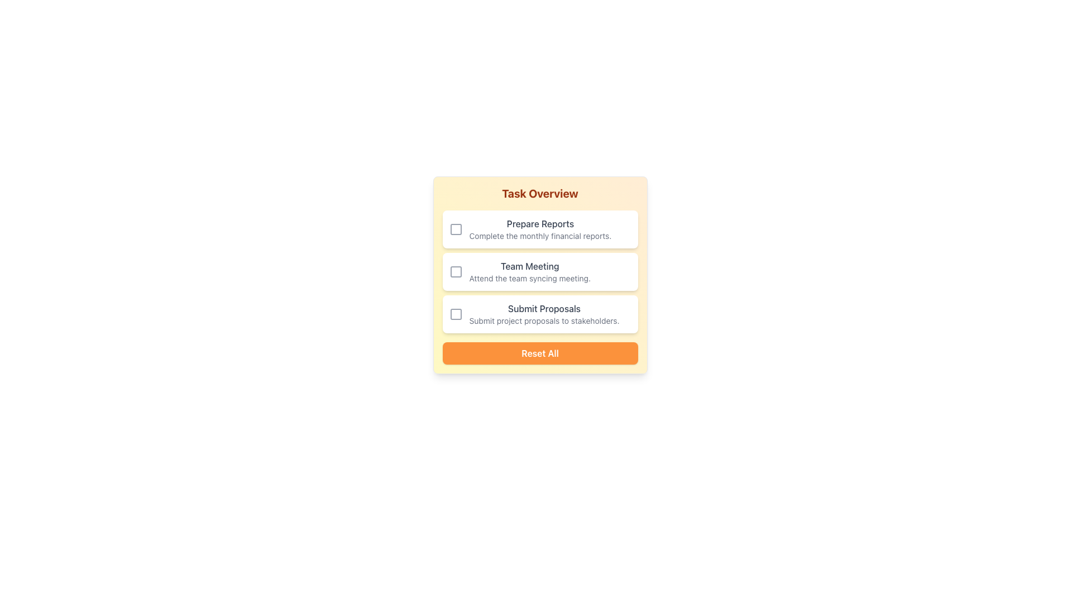 The width and height of the screenshot is (1072, 603). Describe the element at coordinates (456, 271) in the screenshot. I see `the first checkbox for the 'Team Meeting' task` at that location.